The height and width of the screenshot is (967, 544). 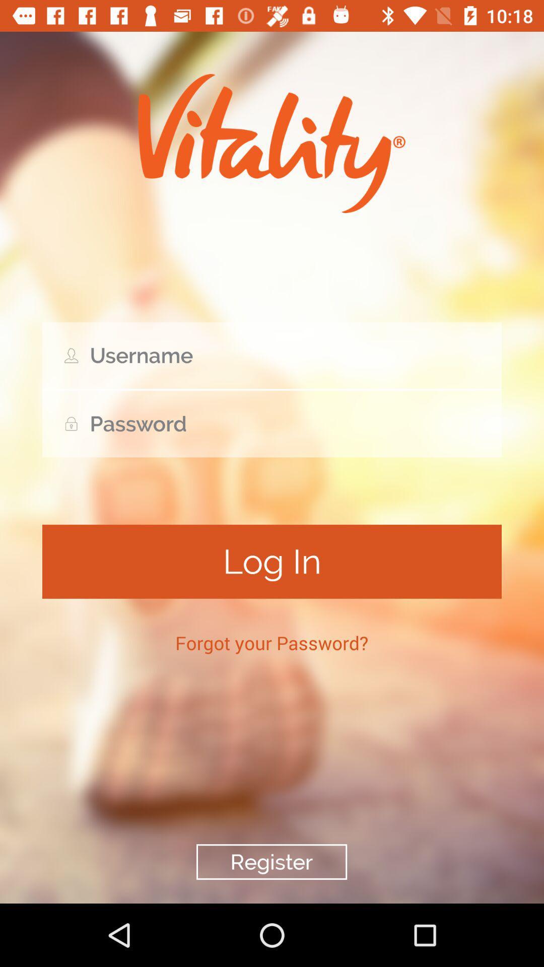 What do you see at coordinates (272, 424) in the screenshot?
I see `open field for password` at bounding box center [272, 424].